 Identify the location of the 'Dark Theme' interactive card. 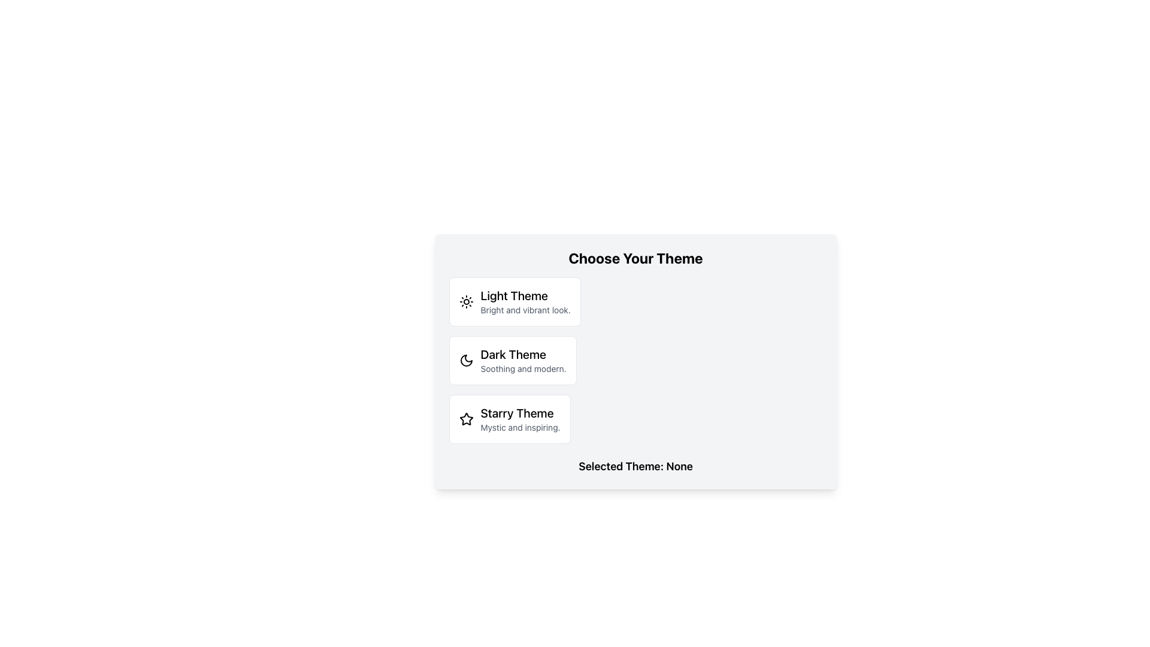
(513, 359).